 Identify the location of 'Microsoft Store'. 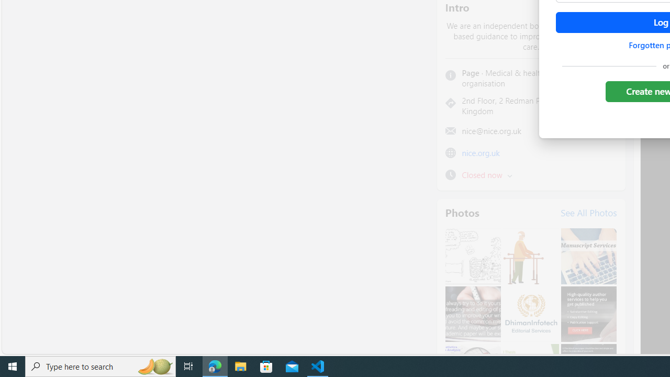
(266, 365).